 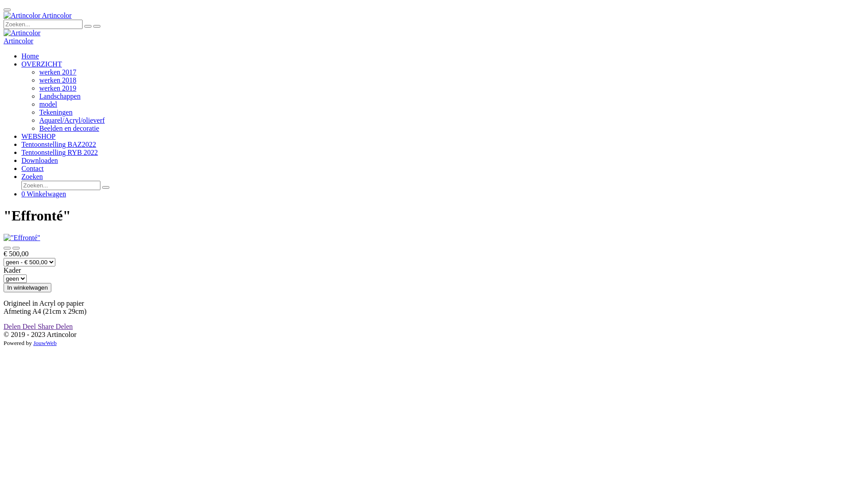 I want to click on 'Landschappen', so click(x=59, y=96).